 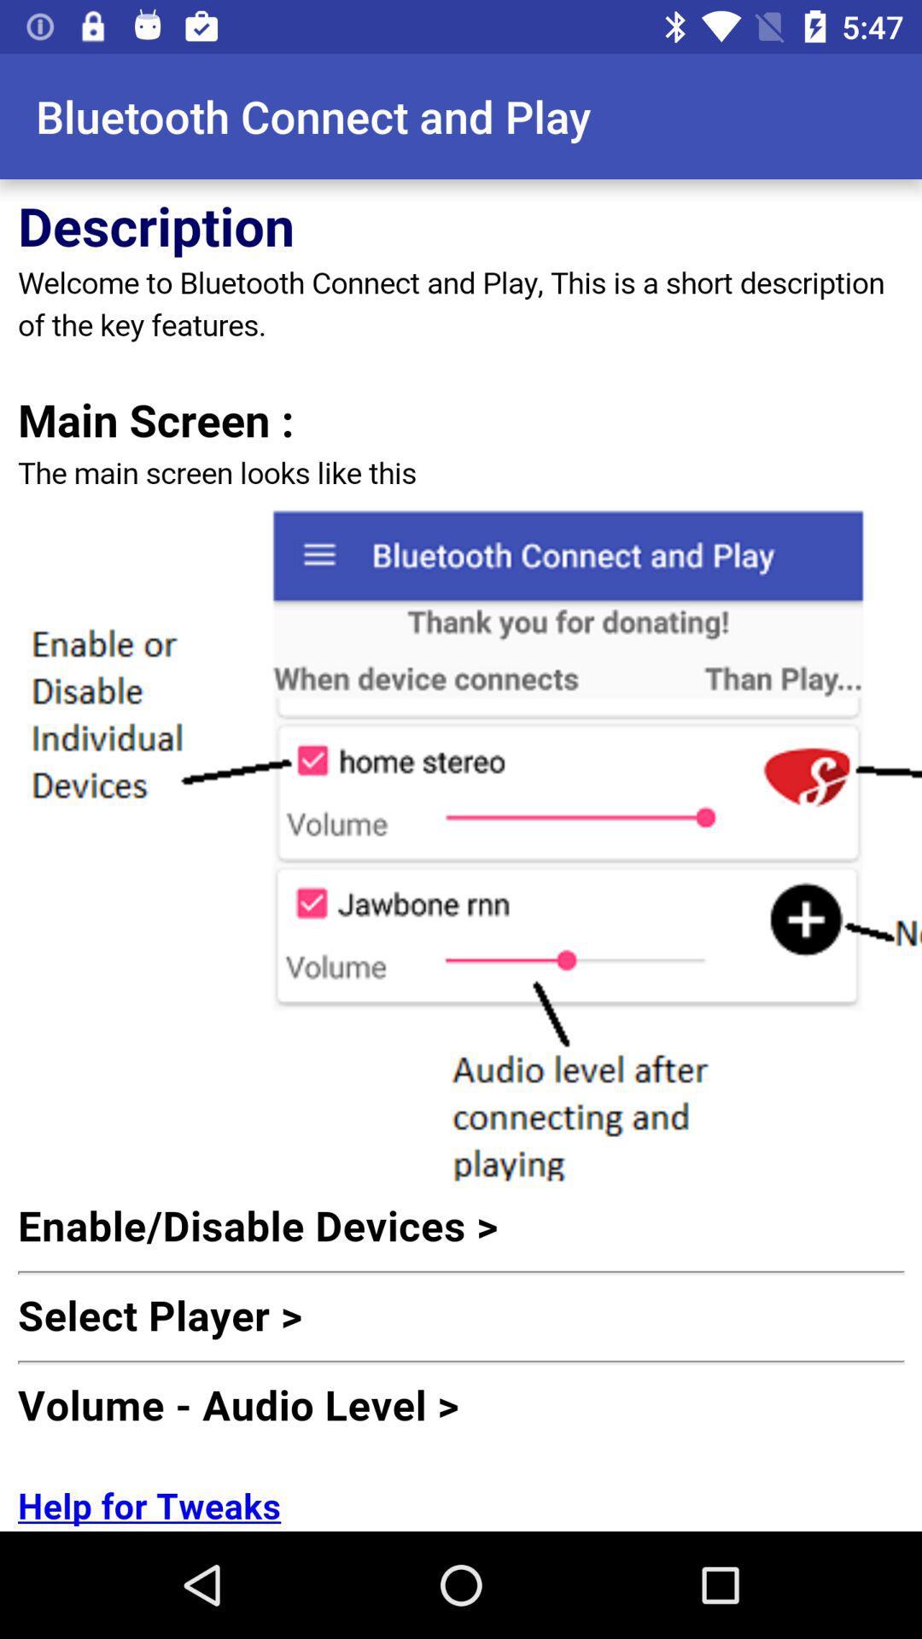 I want to click on click entire page, so click(x=461, y=855).